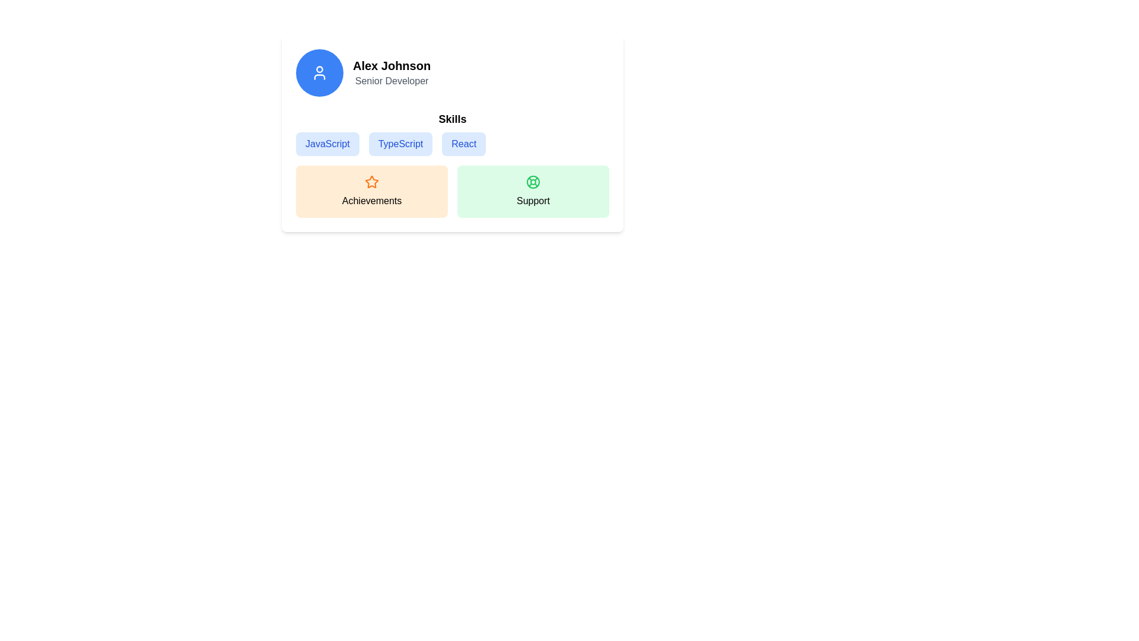 Image resolution: width=1139 pixels, height=641 pixels. I want to click on the 'TypeScript' label, which is a rectangular badge with rounded corners, featuring a light blue background and bold blue text in the center, so click(400, 144).